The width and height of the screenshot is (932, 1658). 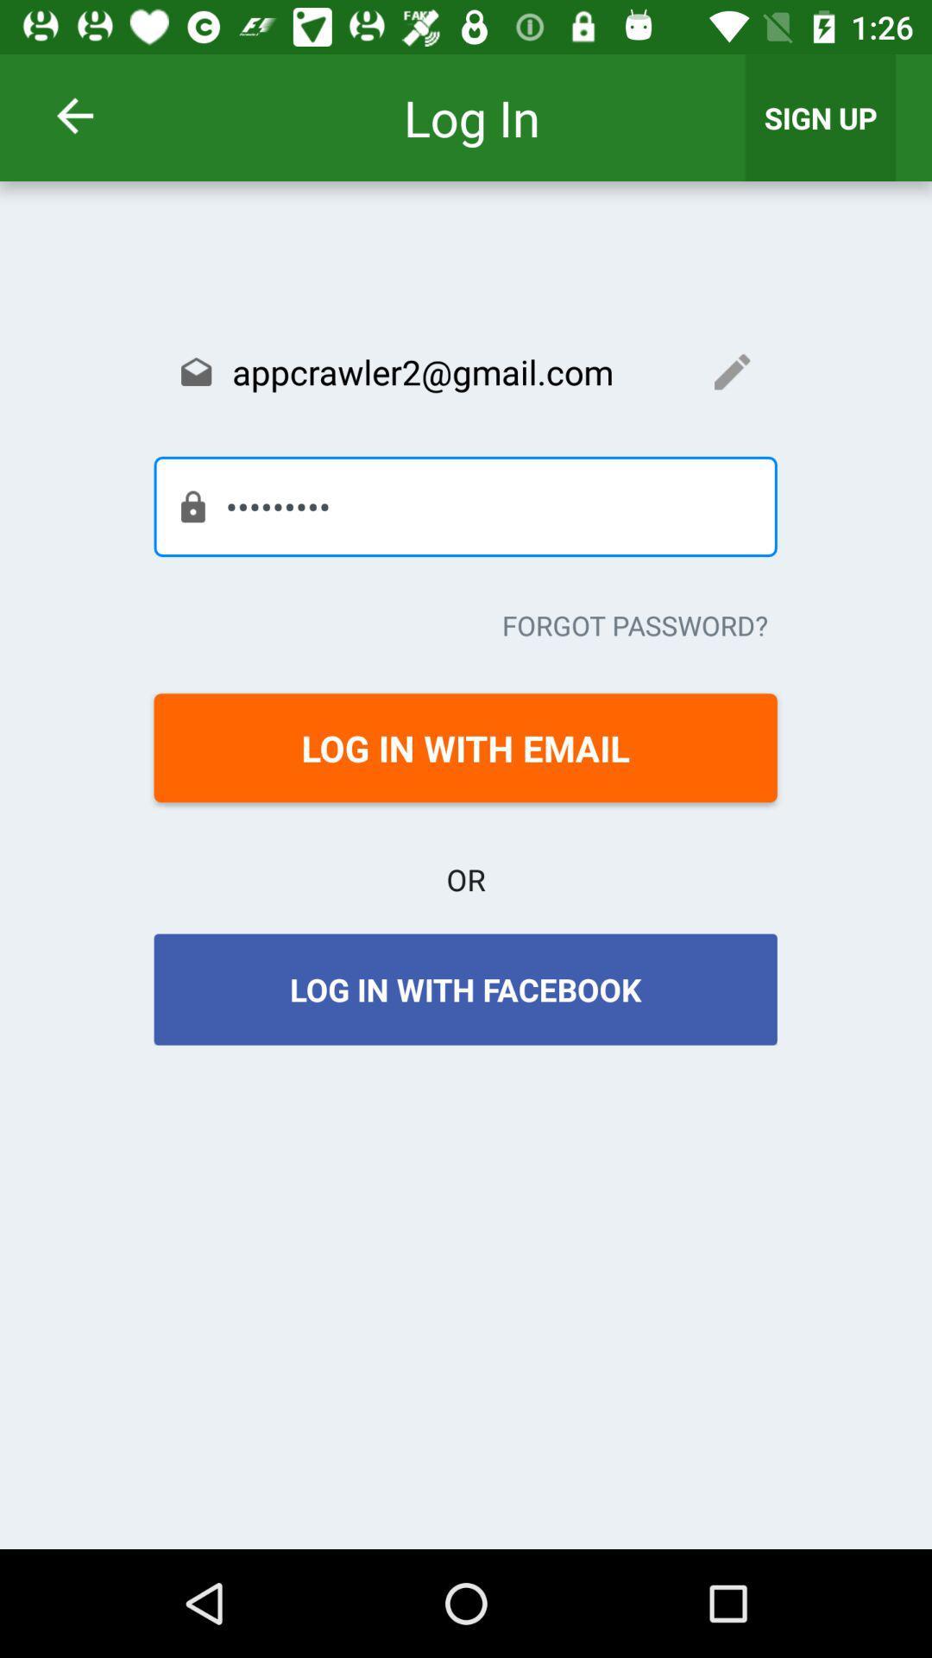 I want to click on item below the crowd3116 item, so click(x=635, y=624).